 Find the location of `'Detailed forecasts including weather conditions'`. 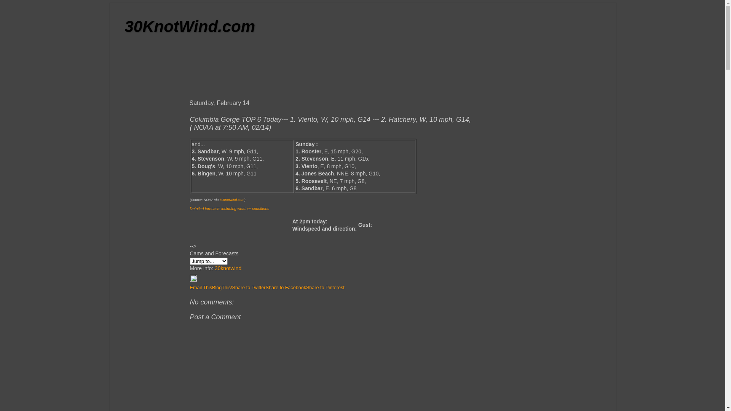

'Detailed forecasts including weather conditions' is located at coordinates (228, 209).